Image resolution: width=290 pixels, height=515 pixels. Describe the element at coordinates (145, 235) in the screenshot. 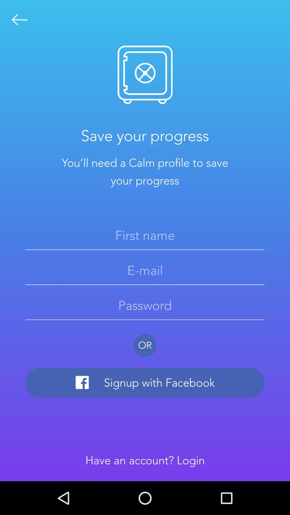

I see `the icon below the you ll need` at that location.